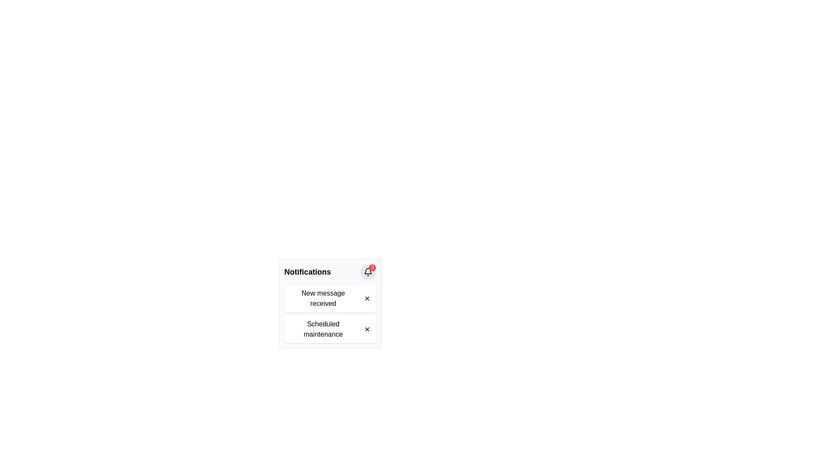 The height and width of the screenshot is (462, 821). I want to click on the close button for dismissing the 'New message received' notification, so click(367, 298).